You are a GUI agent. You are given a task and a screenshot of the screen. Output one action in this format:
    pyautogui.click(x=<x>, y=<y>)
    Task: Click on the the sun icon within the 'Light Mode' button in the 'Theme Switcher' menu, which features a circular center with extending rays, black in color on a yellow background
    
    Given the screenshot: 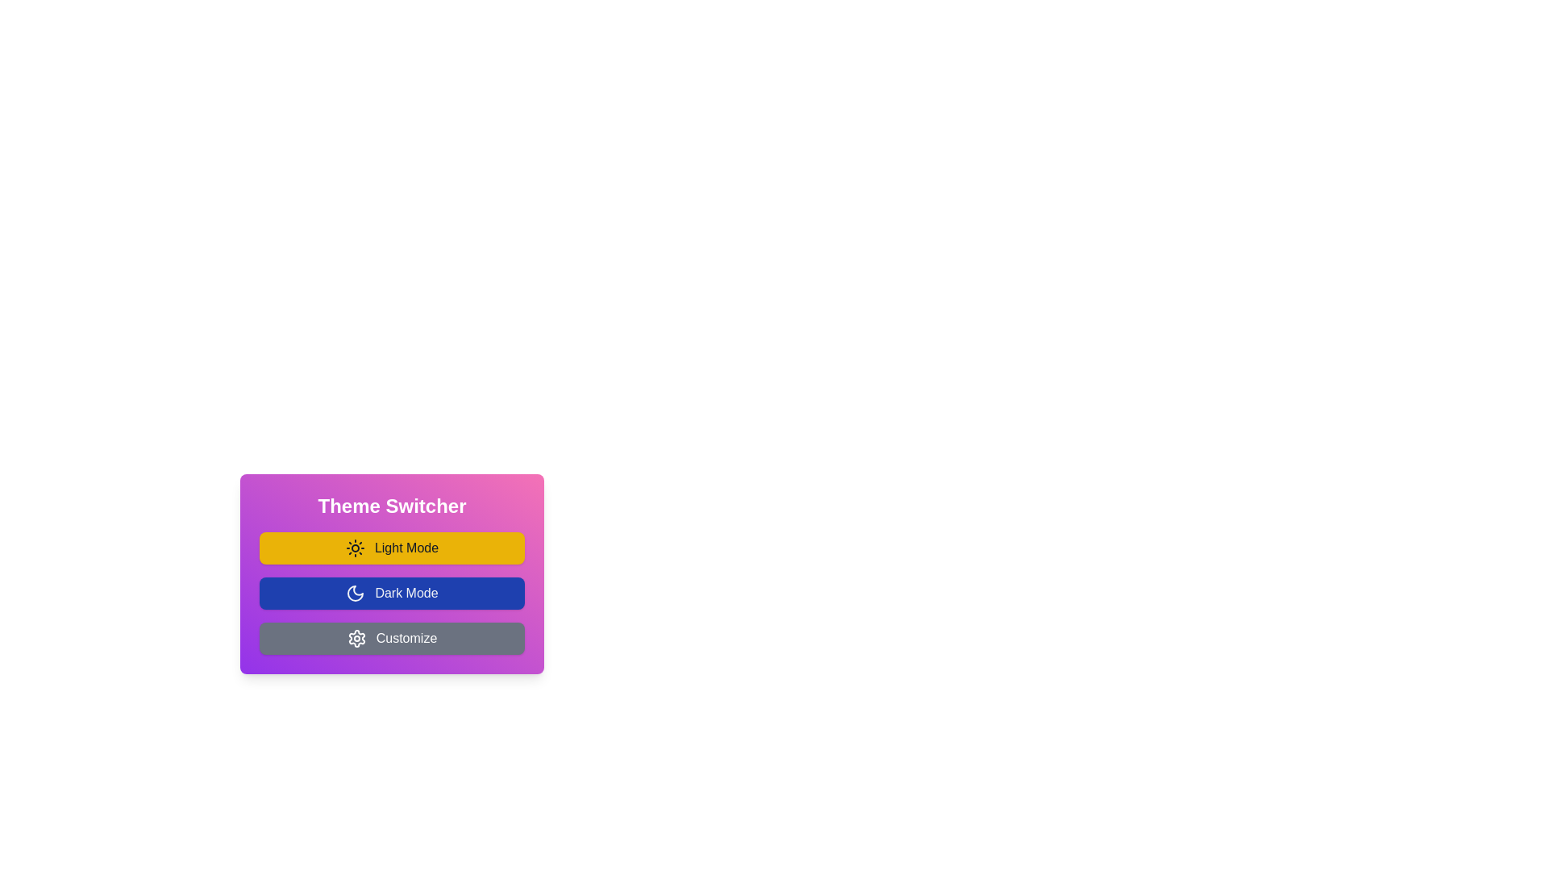 What is the action you would take?
    pyautogui.click(x=354, y=547)
    